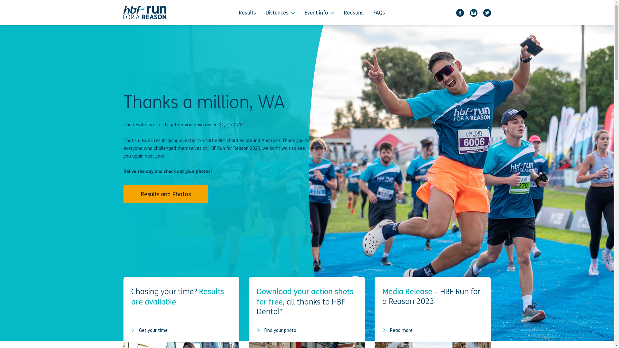 This screenshot has width=619, height=348. Describe the element at coordinates (353, 12) in the screenshot. I see `'Reasons'` at that location.